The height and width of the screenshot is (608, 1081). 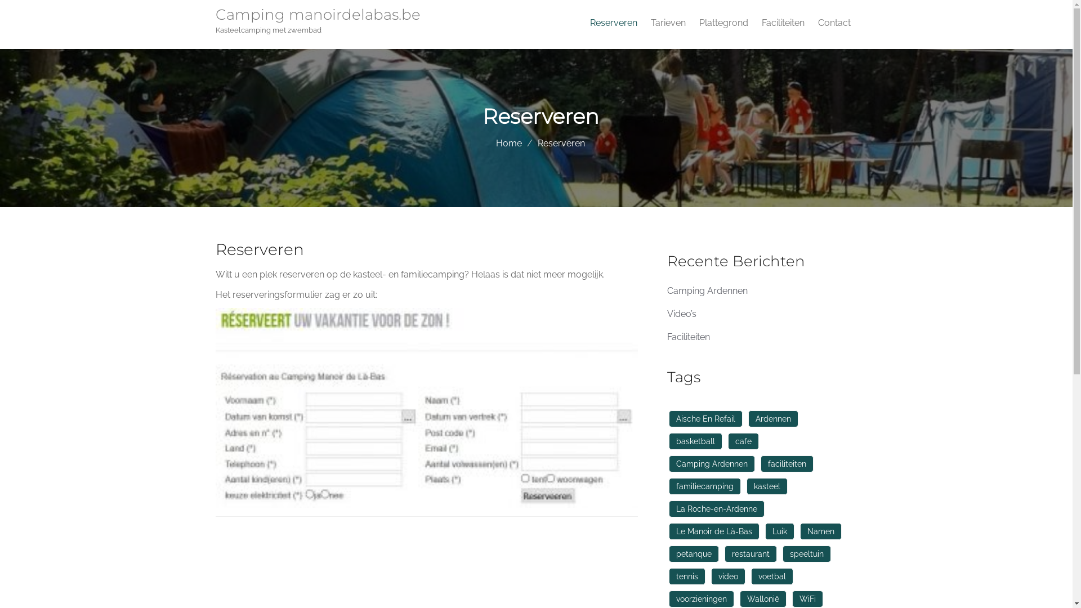 What do you see at coordinates (834, 23) in the screenshot?
I see `'Contact'` at bounding box center [834, 23].